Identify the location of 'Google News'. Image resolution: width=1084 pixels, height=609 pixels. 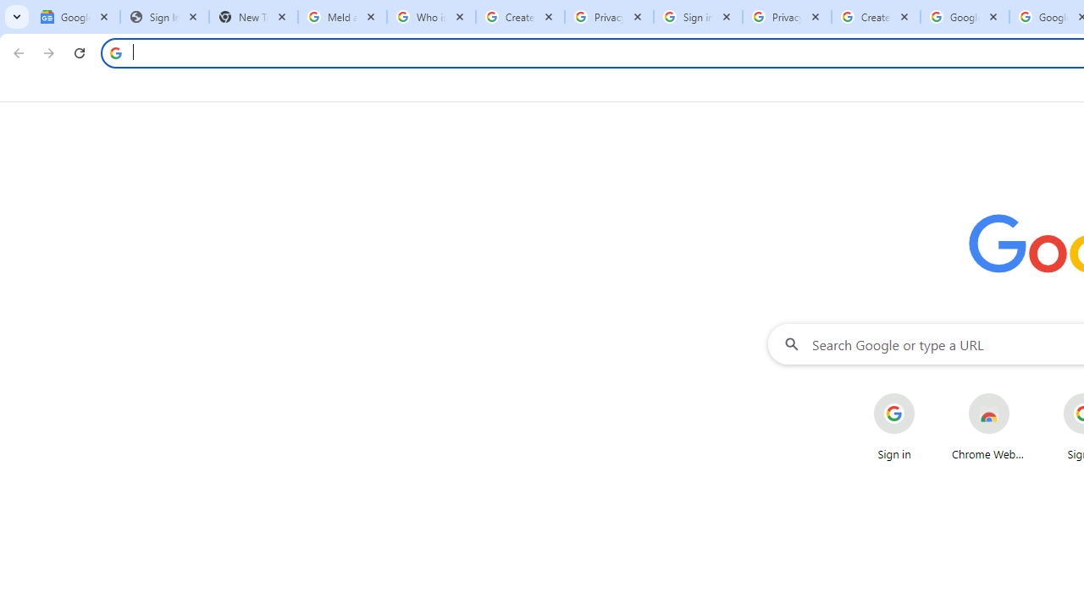
(75, 17).